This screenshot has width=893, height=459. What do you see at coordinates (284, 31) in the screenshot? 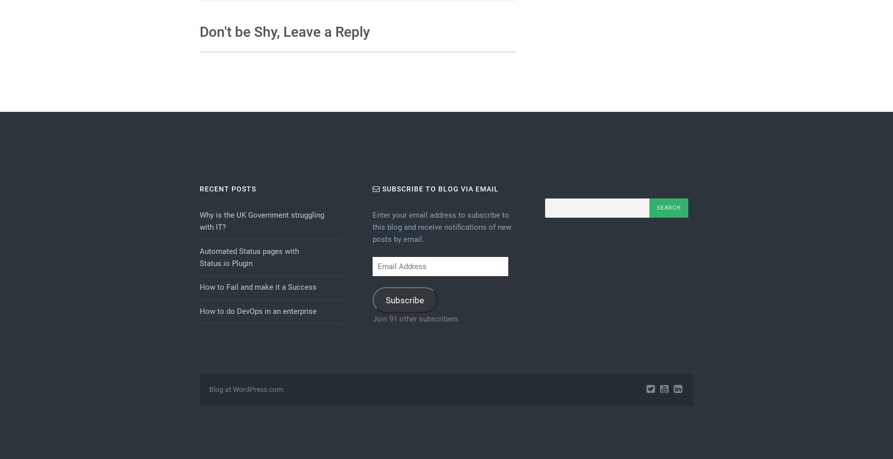
I see `'Don't be Shy, Leave a Reply'` at bounding box center [284, 31].